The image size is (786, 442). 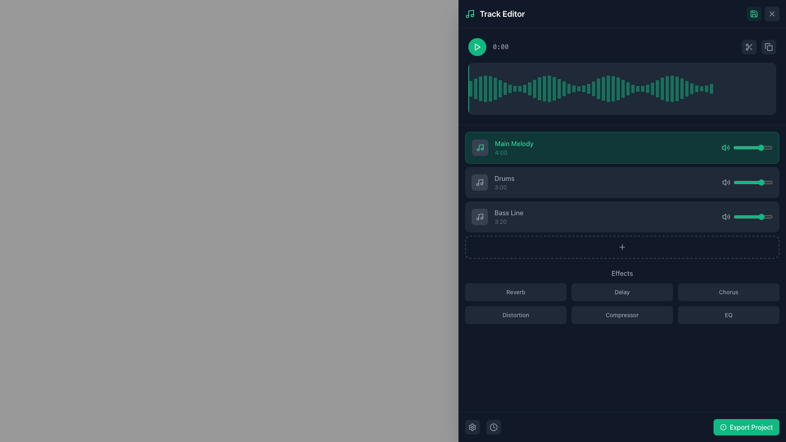 What do you see at coordinates (701, 88) in the screenshot?
I see `the 44th graphical bar segment in the horizontal bar chart` at bounding box center [701, 88].